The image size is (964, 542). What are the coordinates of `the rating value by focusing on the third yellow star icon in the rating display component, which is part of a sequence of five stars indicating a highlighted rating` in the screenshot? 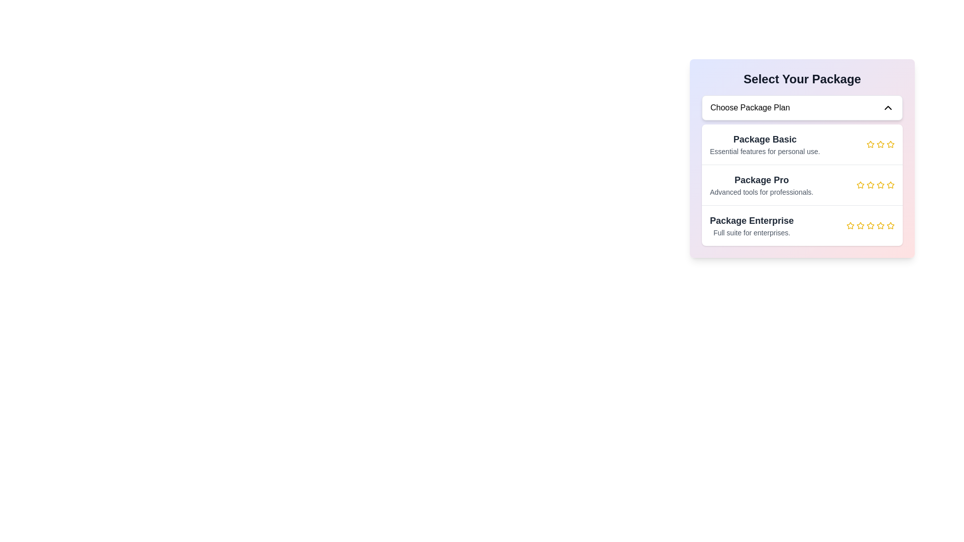 It's located at (870, 226).